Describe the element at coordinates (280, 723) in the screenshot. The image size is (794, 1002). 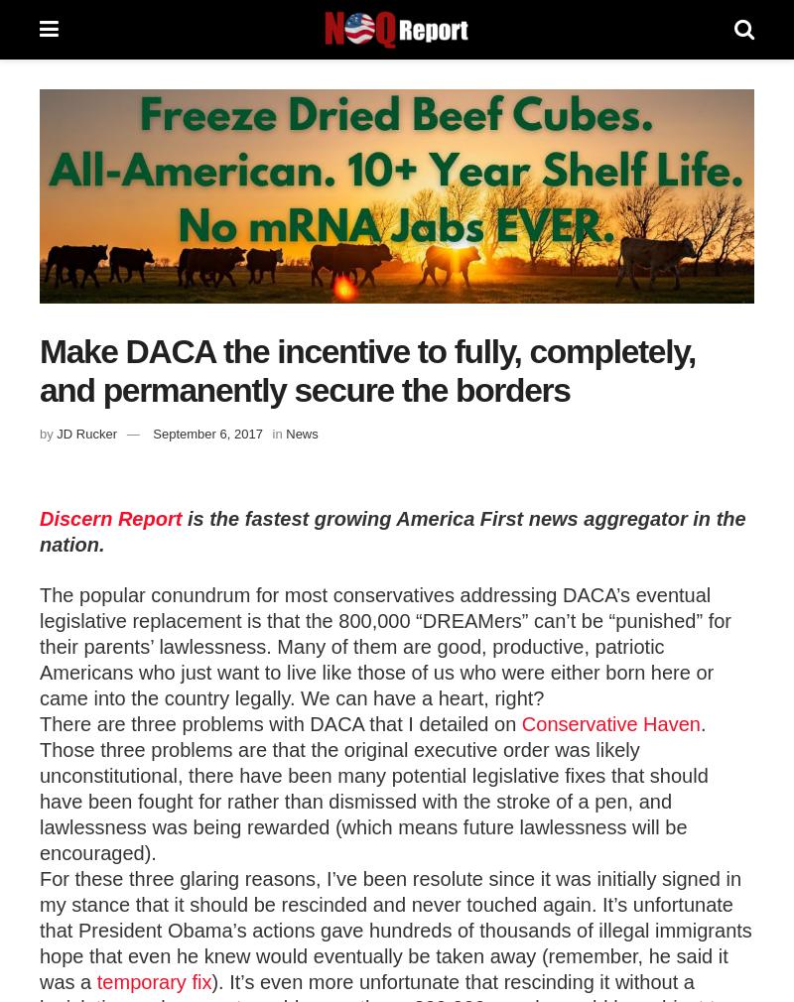
I see `'There are three problems with DACA that I detailed on'` at that location.